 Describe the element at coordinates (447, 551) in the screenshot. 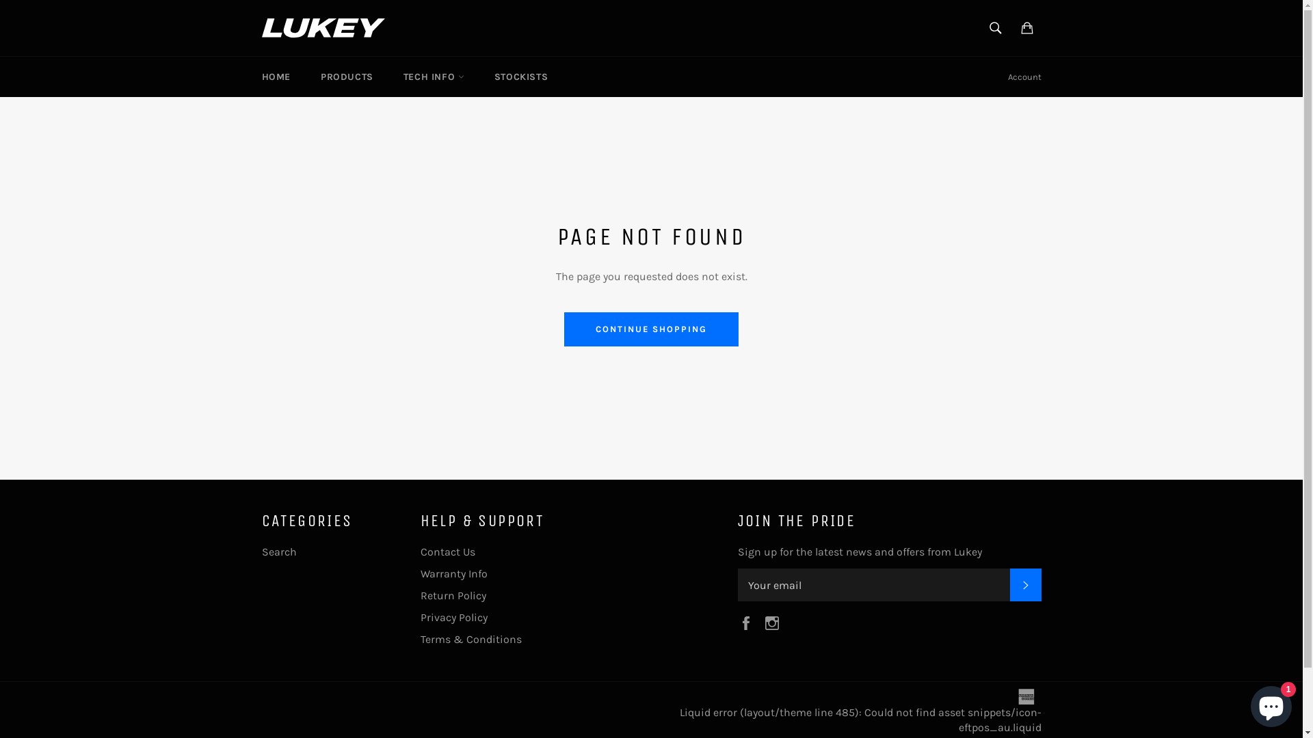

I see `'Contact Us'` at that location.